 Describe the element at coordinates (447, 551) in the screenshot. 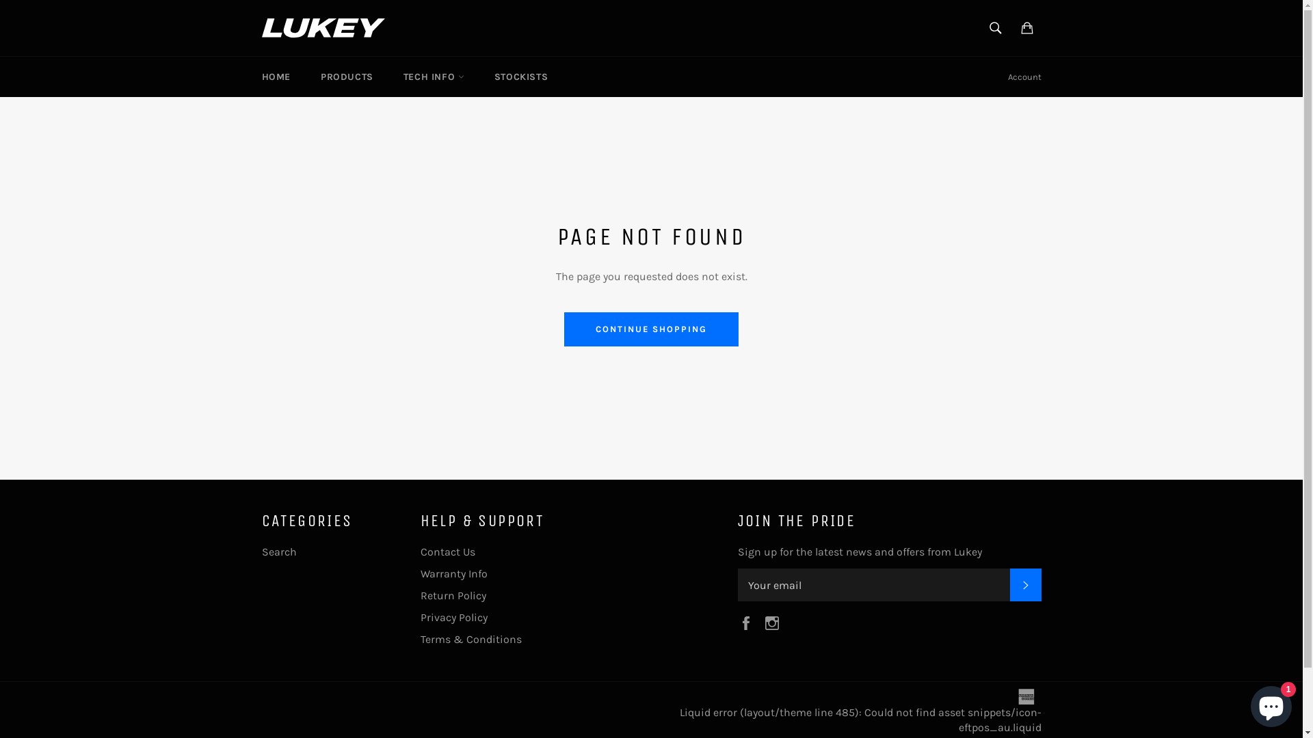

I see `'Contact Us'` at that location.